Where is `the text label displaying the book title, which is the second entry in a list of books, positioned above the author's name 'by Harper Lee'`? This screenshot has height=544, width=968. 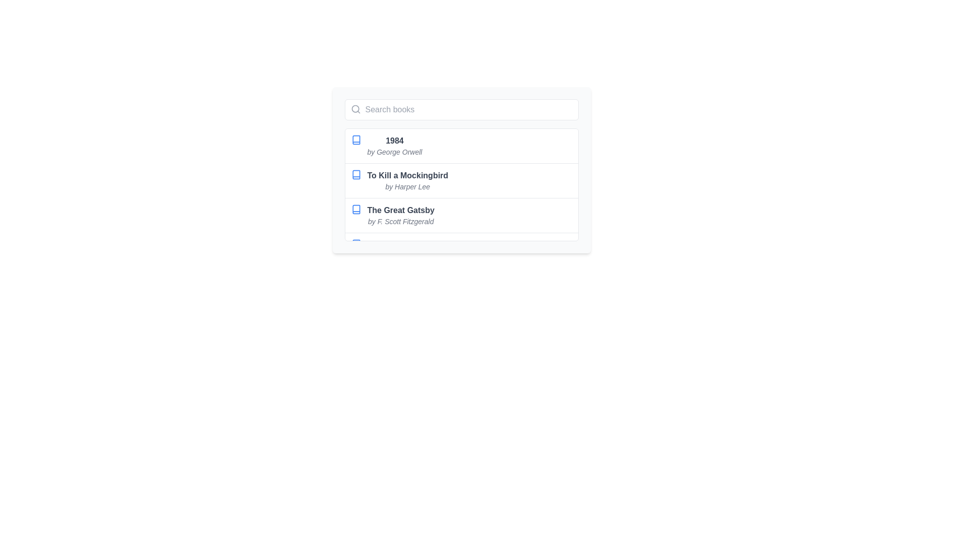
the text label displaying the book title, which is the second entry in a list of books, positioned above the author's name 'by Harper Lee' is located at coordinates (407, 175).